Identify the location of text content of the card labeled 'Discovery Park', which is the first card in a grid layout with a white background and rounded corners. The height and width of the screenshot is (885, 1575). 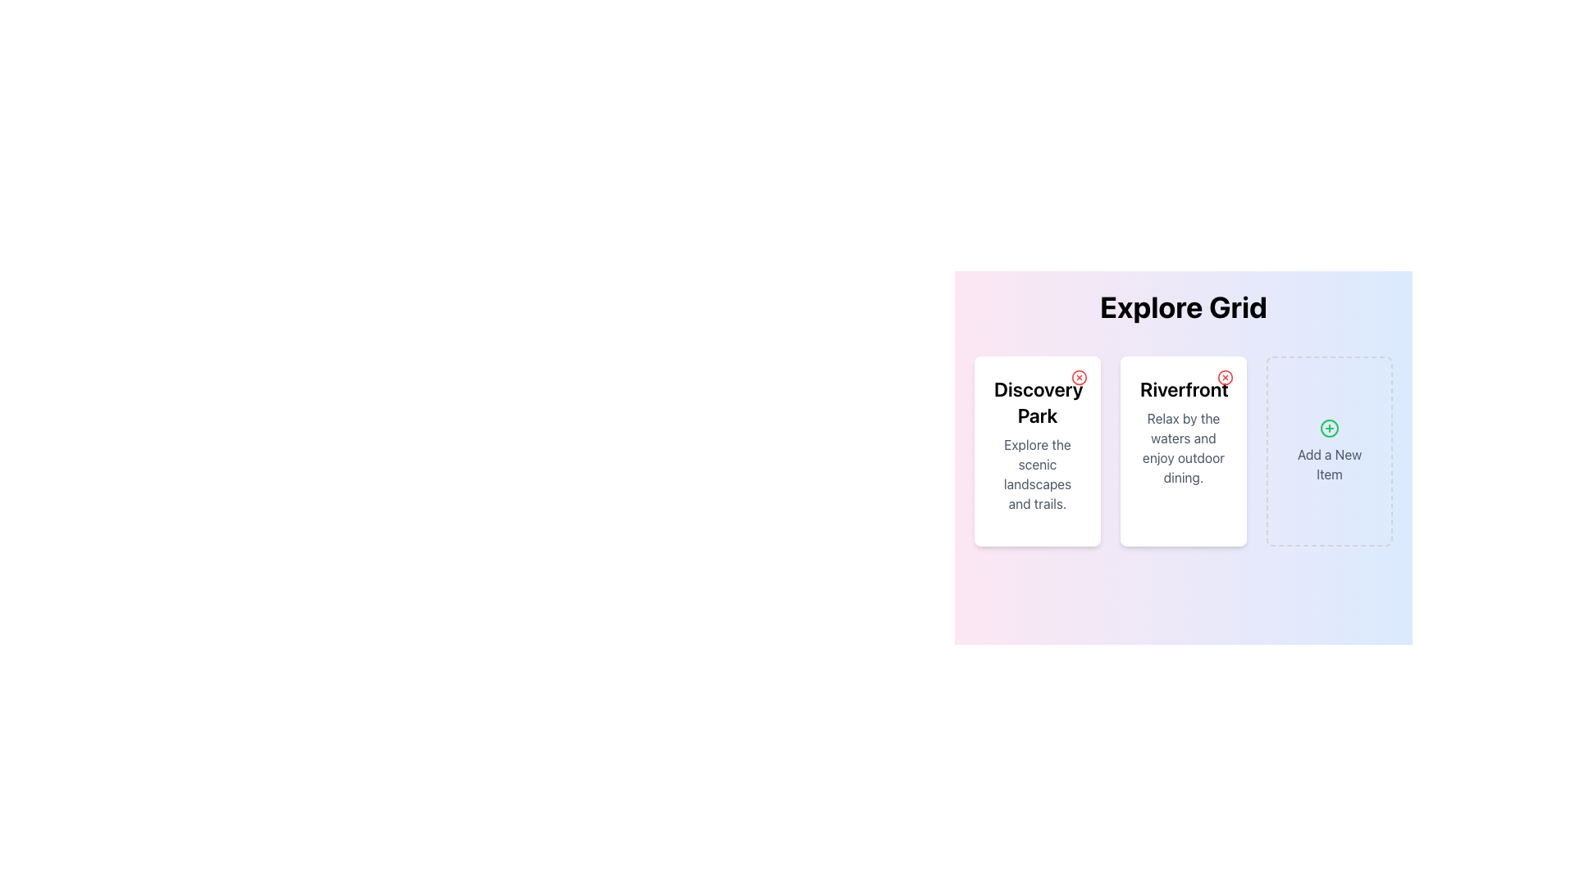
(1037, 452).